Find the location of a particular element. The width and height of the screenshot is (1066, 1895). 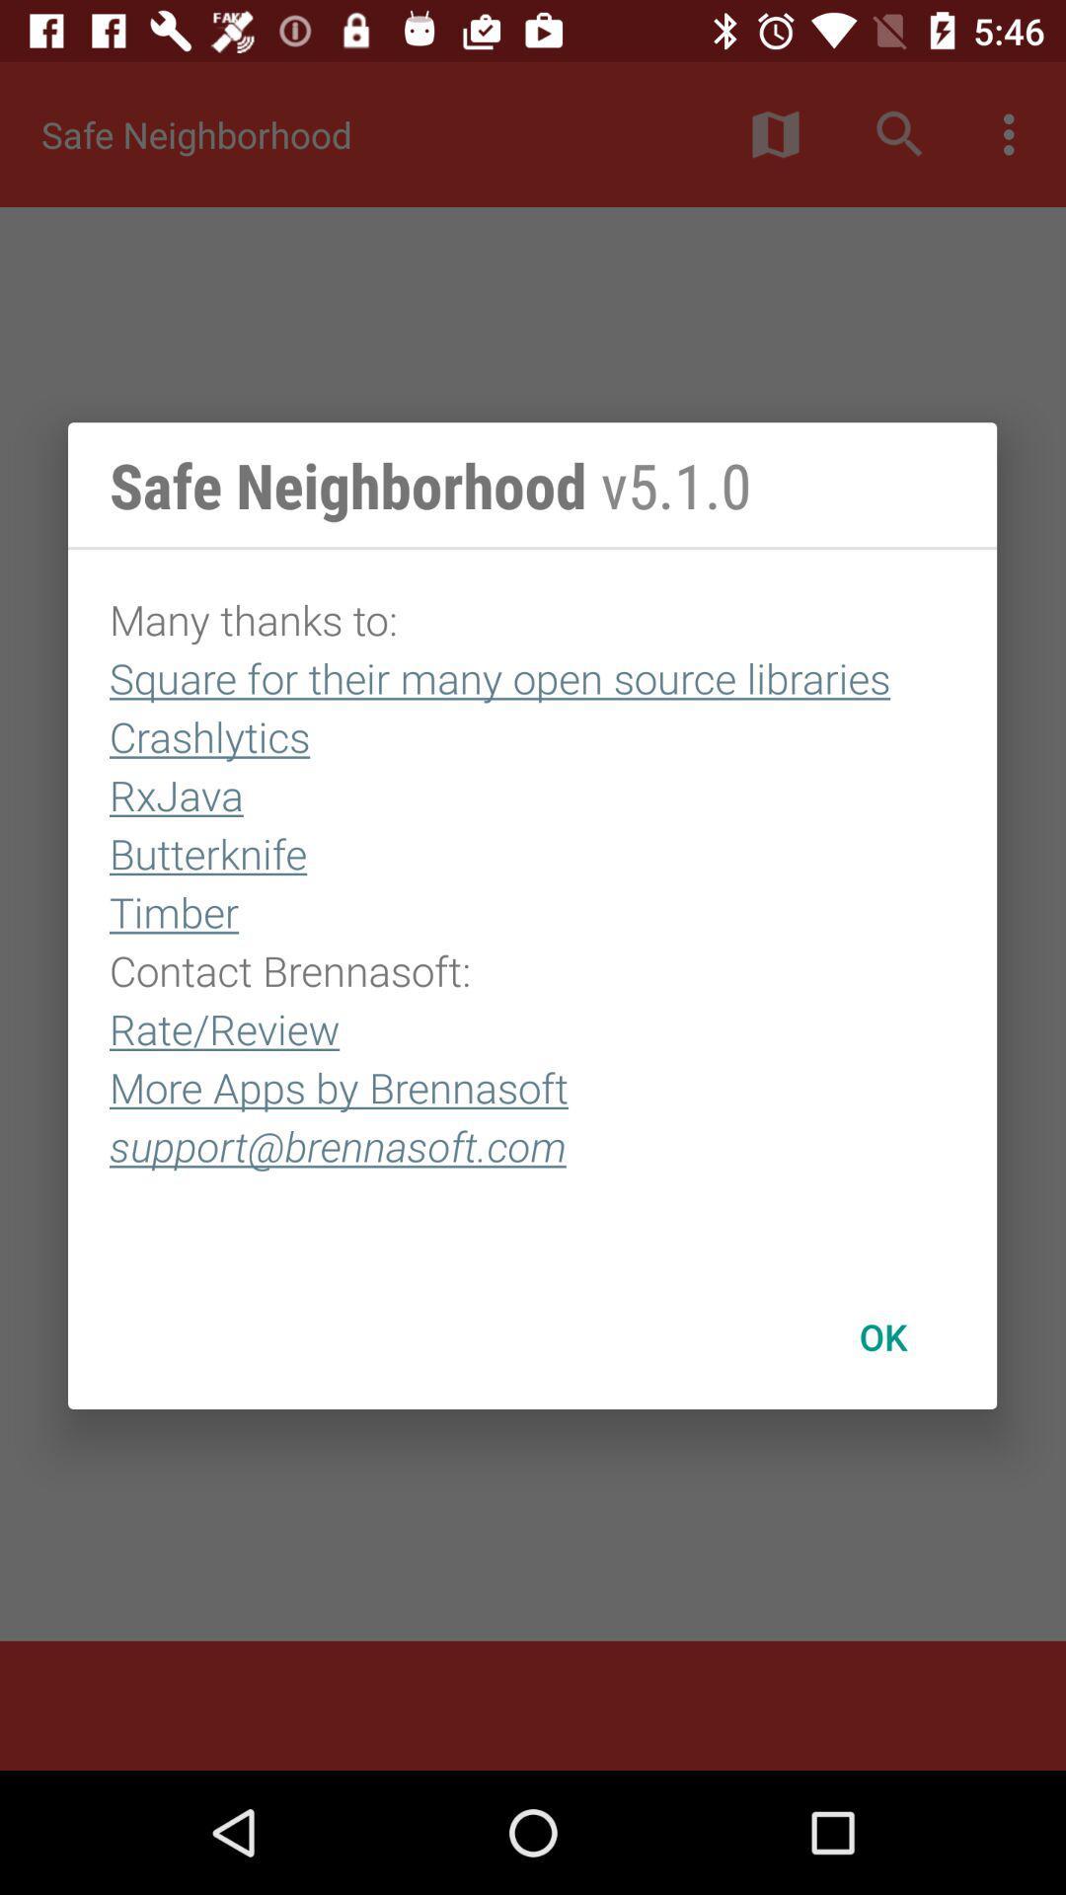

item below many thanks to item is located at coordinates (881, 1336).